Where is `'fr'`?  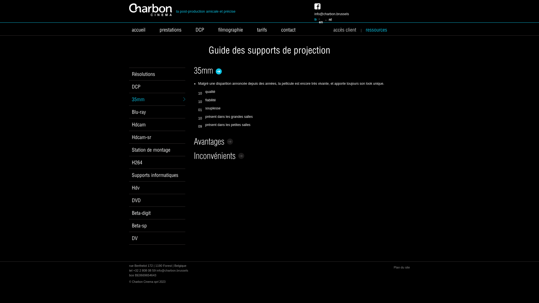 'fr' is located at coordinates (316, 19).